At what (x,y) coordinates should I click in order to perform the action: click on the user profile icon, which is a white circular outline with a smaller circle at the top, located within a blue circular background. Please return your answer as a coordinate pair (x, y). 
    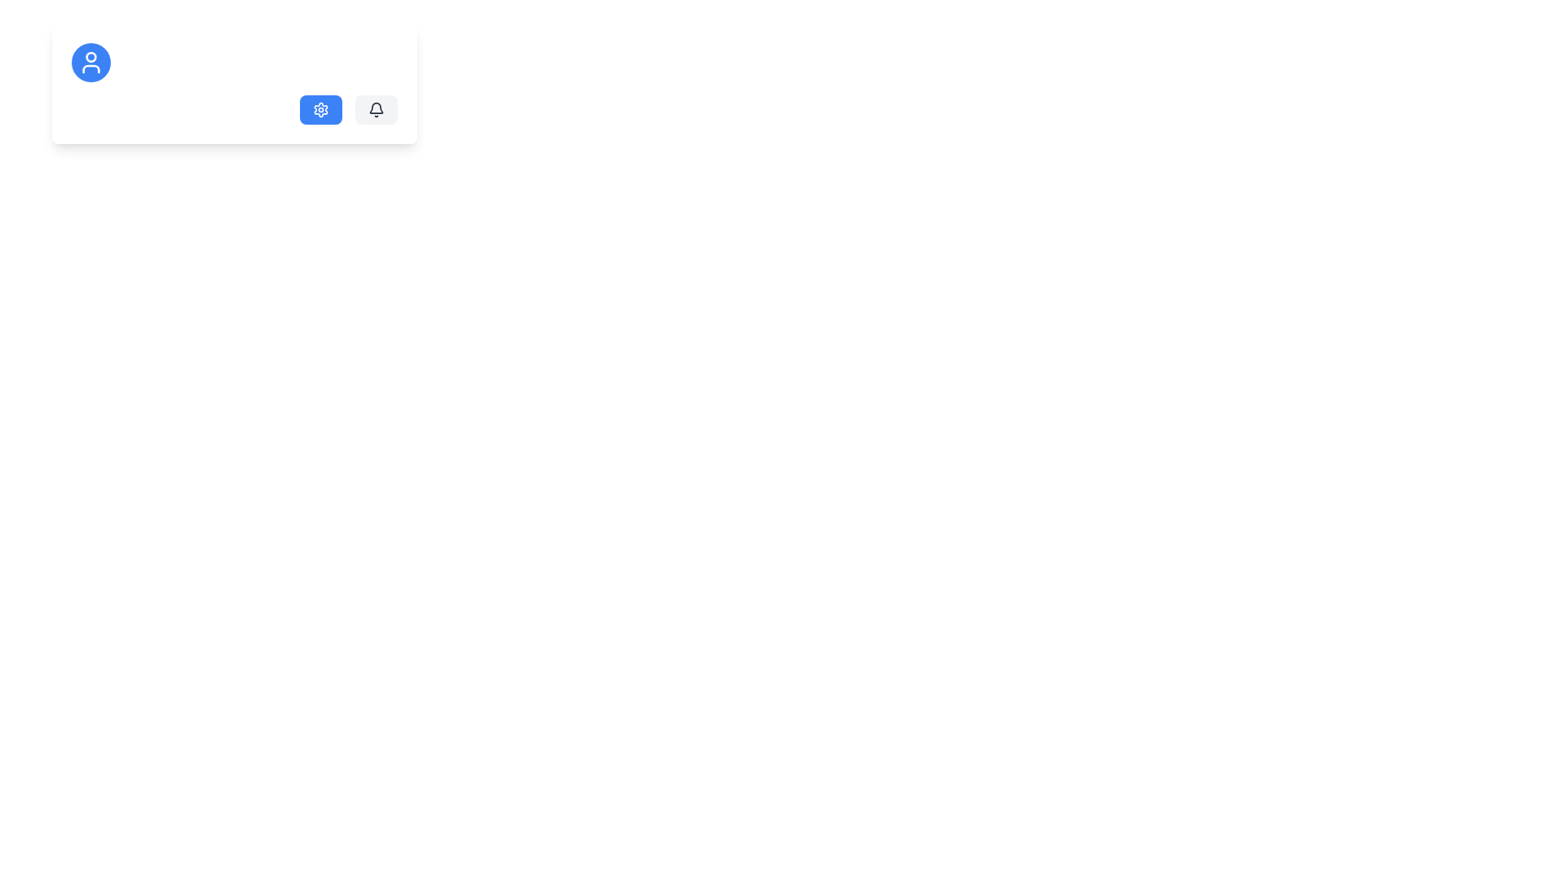
    Looking at the image, I should click on (90, 62).